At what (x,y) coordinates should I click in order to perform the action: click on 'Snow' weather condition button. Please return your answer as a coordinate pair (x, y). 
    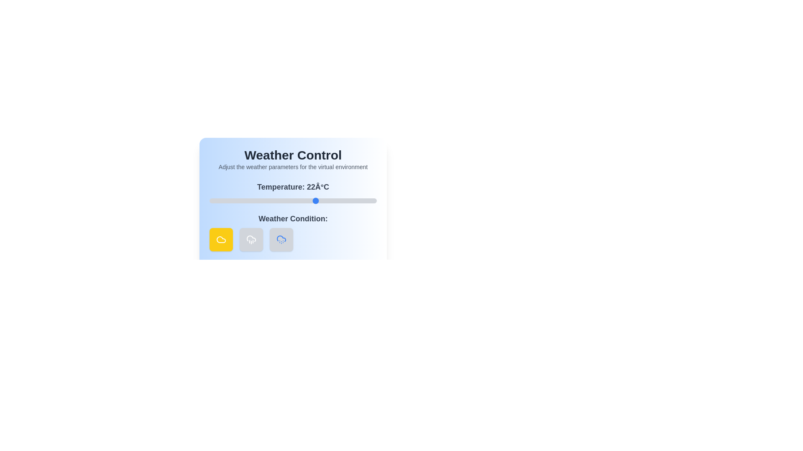
    Looking at the image, I should click on (281, 240).